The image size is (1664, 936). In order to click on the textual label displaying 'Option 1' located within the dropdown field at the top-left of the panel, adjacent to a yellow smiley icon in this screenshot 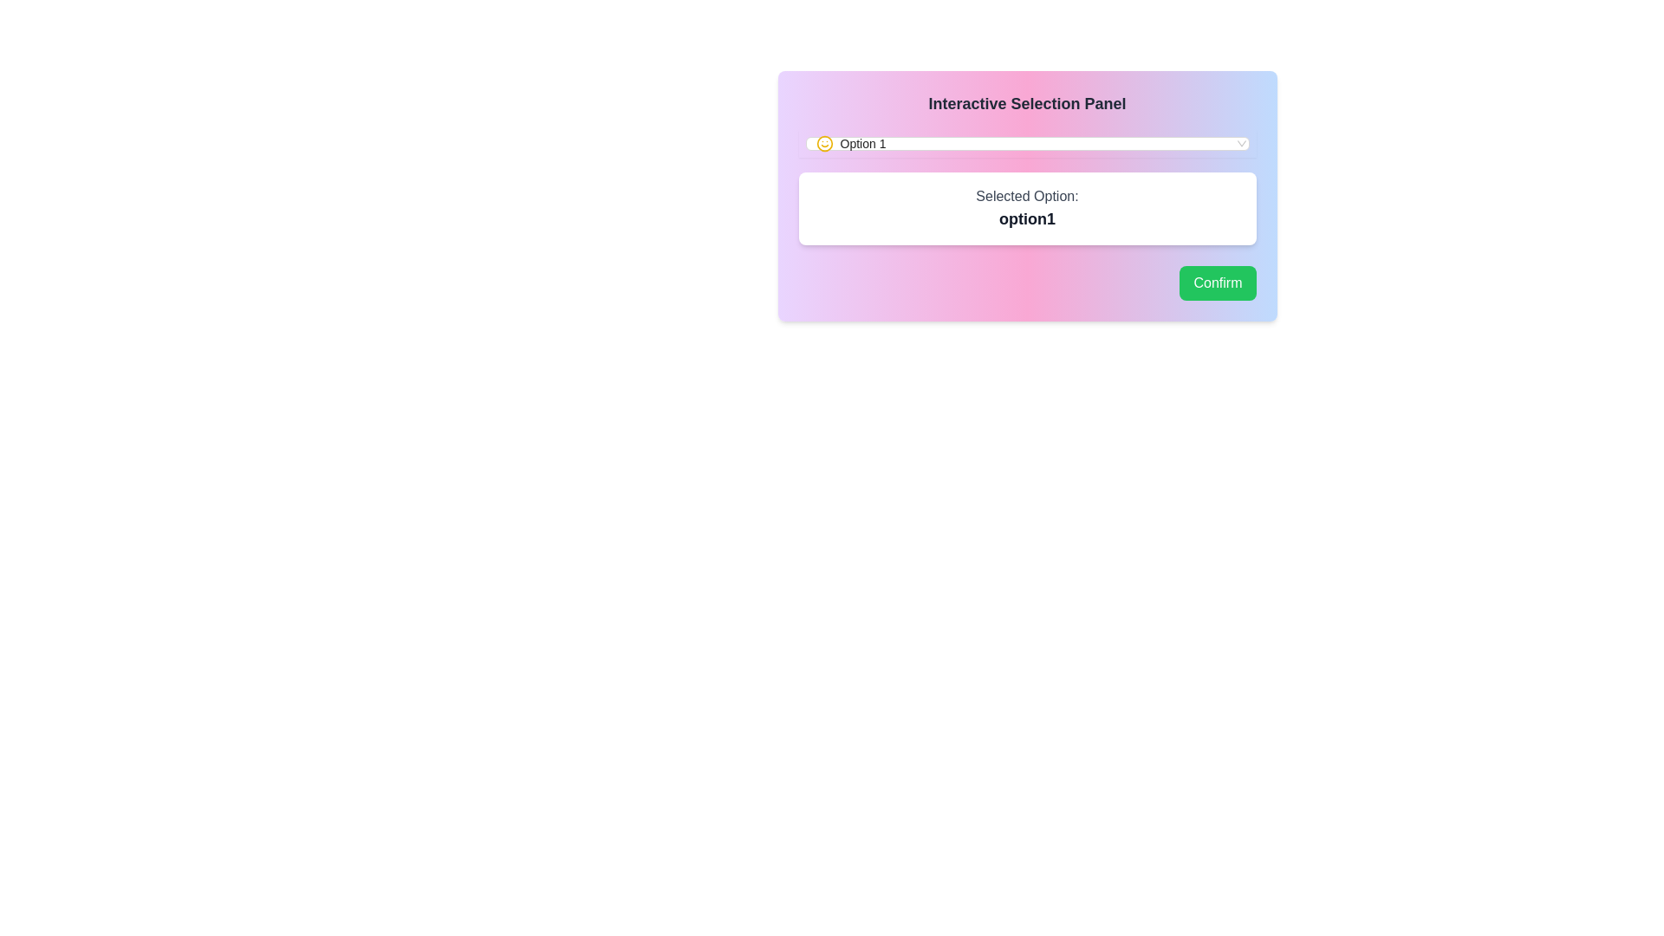, I will do `click(862, 142)`.